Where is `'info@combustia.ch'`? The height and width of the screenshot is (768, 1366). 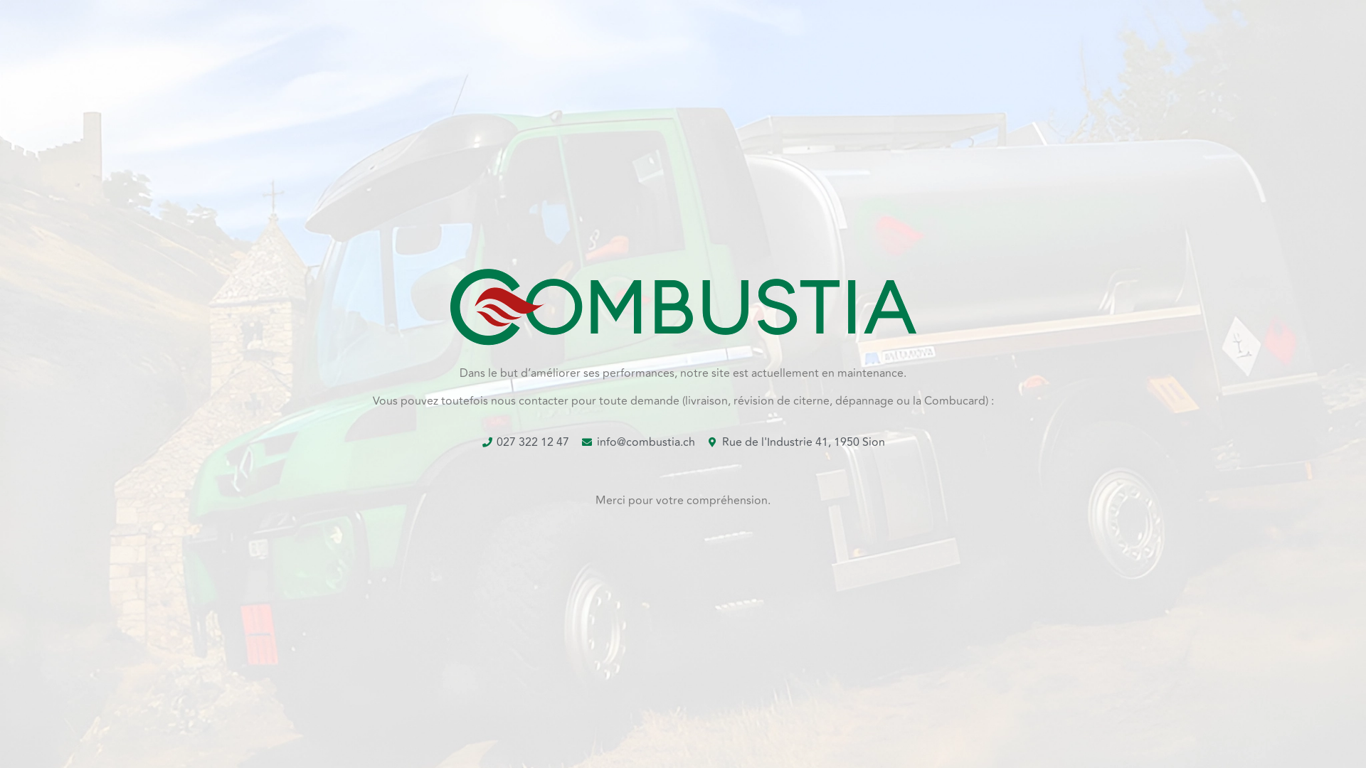 'info@combustia.ch' is located at coordinates (637, 441).